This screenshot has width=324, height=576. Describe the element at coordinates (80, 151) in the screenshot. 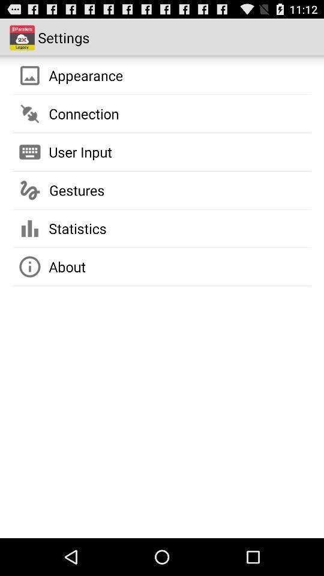

I see `app above gestures` at that location.